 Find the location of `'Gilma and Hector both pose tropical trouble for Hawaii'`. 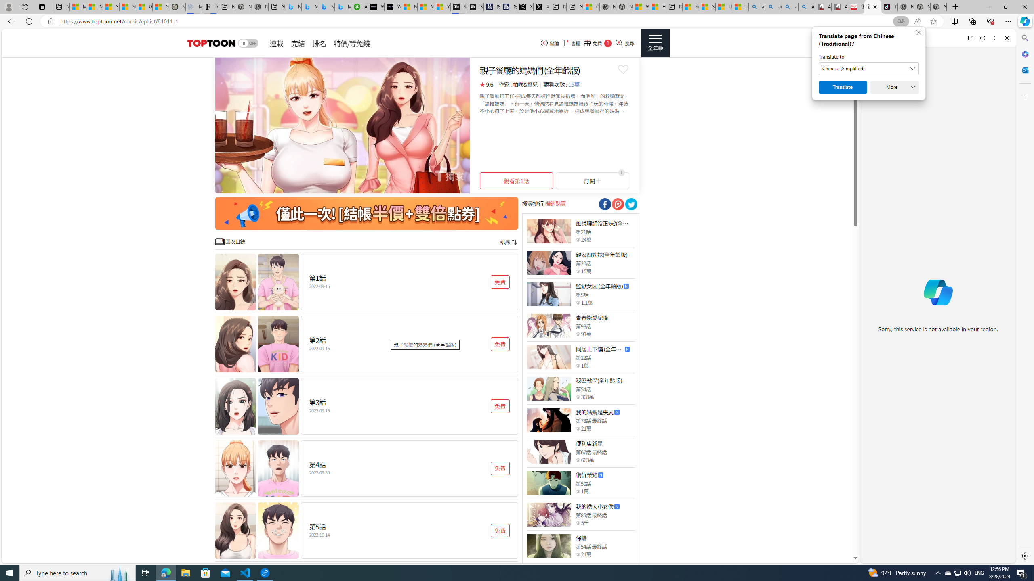

'Gilma and Hector both pose tropical trouble for Hawaii' is located at coordinates (161, 6).